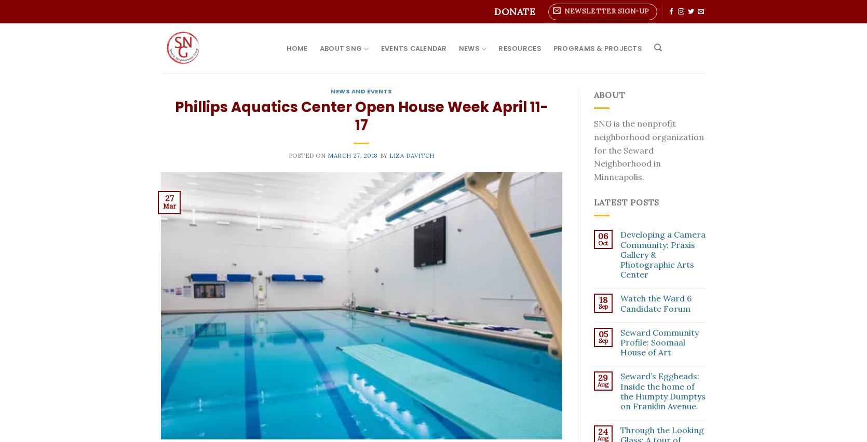 Image resolution: width=867 pixels, height=442 pixels. Describe the element at coordinates (377, 155) in the screenshot. I see `'by'` at that location.